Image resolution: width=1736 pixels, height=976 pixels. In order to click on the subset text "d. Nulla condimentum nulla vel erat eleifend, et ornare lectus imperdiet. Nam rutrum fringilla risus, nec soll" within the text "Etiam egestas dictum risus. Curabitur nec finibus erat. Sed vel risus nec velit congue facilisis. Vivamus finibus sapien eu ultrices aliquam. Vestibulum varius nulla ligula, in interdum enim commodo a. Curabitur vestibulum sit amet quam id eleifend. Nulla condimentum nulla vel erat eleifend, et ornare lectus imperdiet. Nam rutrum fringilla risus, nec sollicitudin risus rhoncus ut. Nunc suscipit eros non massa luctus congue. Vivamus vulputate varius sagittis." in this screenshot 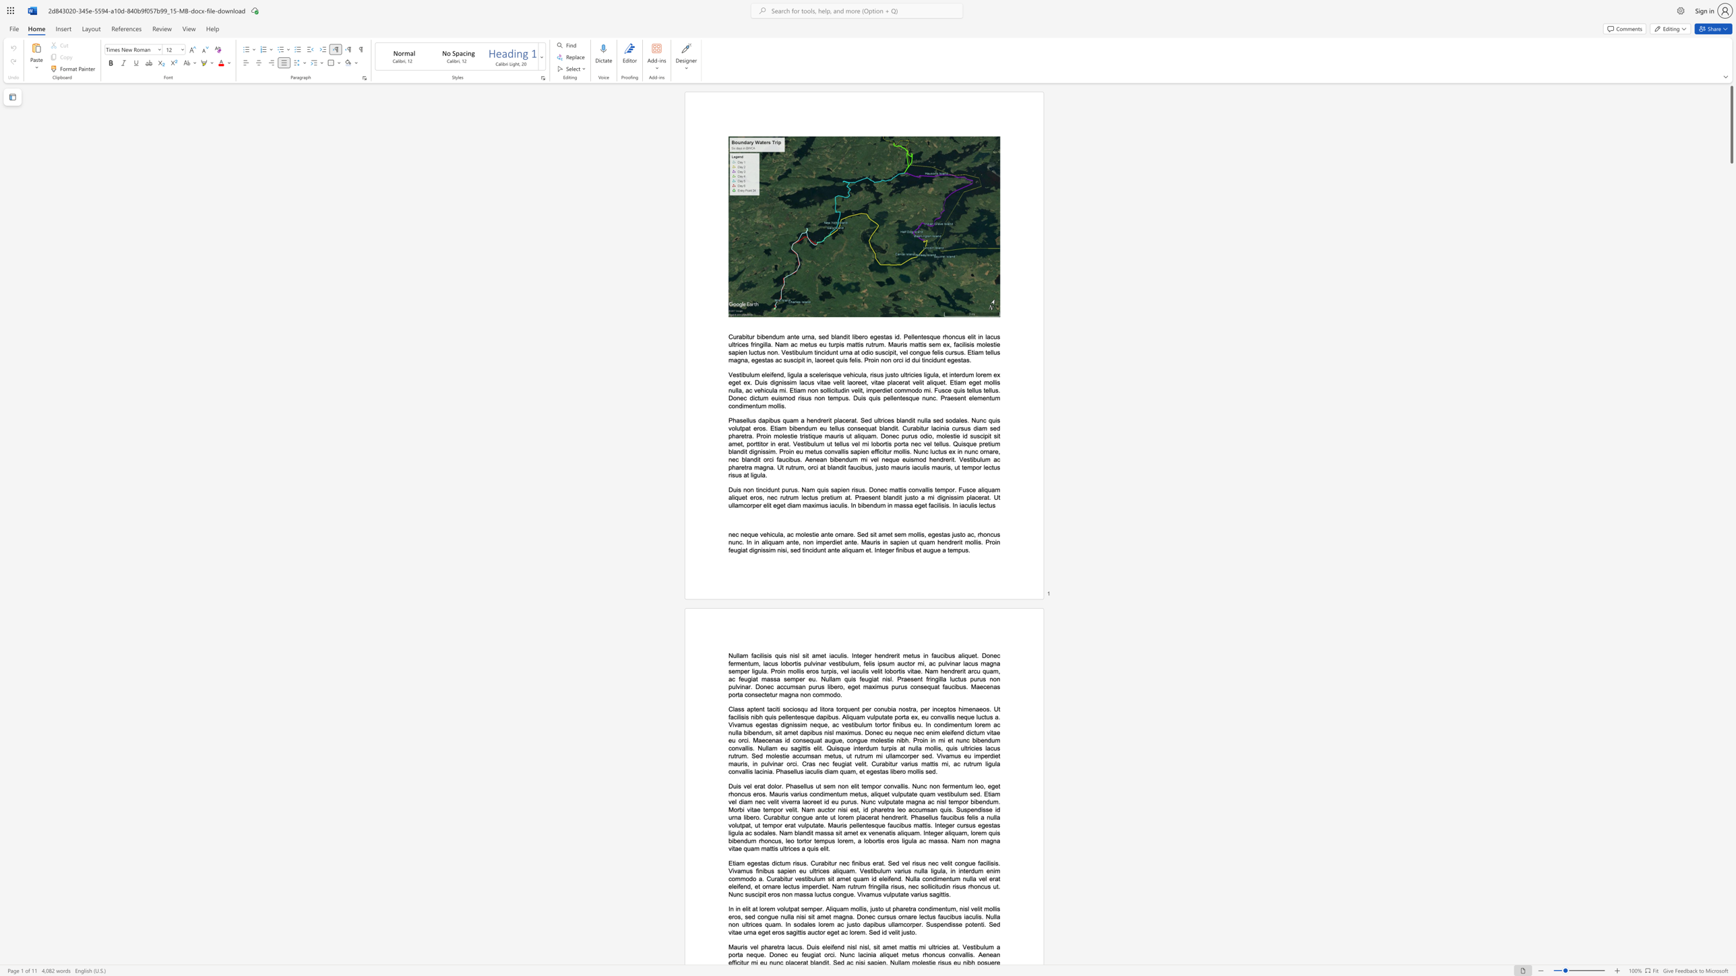, I will do `click(897, 879)`.